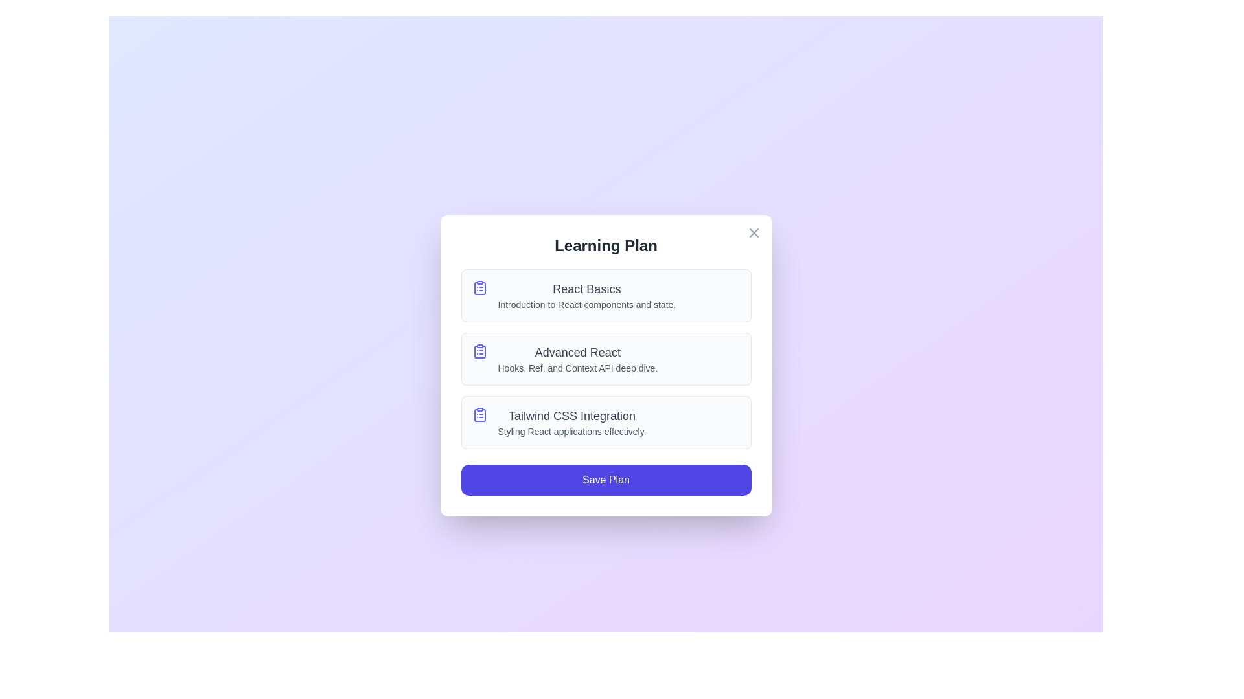 This screenshot has height=699, width=1244. Describe the element at coordinates (605, 422) in the screenshot. I see `the lesson item Tailwind CSS Integration to highlight it` at that location.